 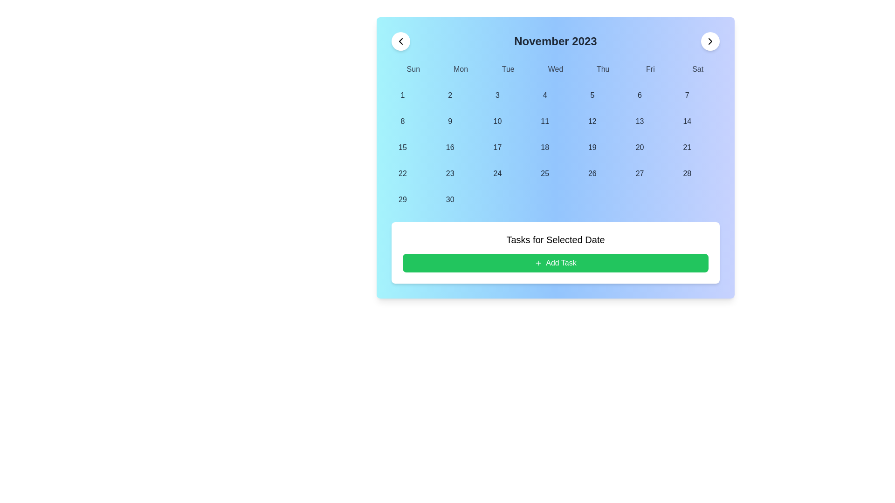 What do you see at coordinates (555, 69) in the screenshot?
I see `the text label displaying 'Wed' in black text on a light blue background, which is the fourth element in a horizontal row of day labels in the calendar interface` at bounding box center [555, 69].